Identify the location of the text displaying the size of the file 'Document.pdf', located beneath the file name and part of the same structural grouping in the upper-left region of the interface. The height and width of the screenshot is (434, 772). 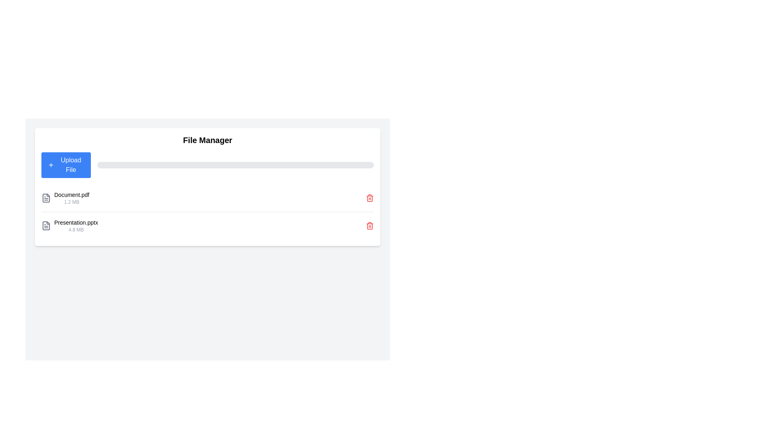
(72, 201).